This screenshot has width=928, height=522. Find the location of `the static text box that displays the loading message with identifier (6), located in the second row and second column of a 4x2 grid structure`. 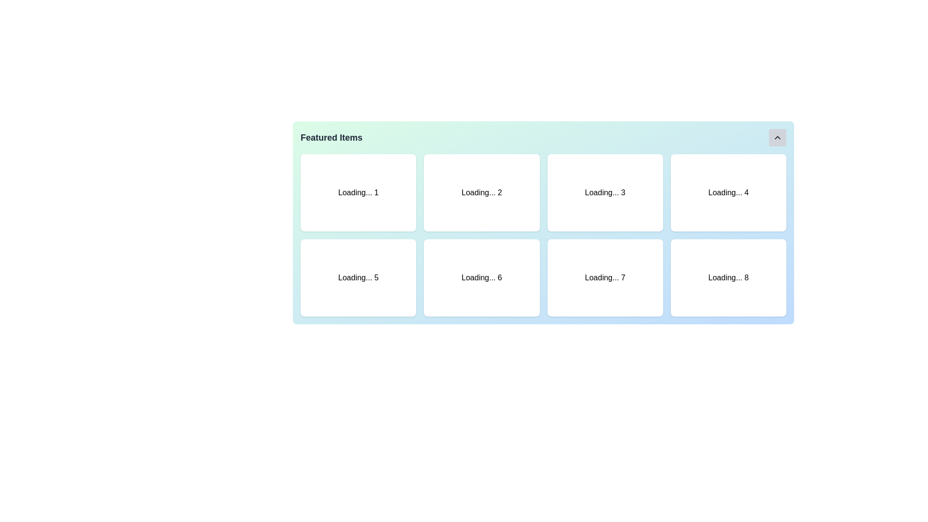

the static text box that displays the loading message with identifier (6), located in the second row and second column of a 4x2 grid structure is located at coordinates (481, 277).